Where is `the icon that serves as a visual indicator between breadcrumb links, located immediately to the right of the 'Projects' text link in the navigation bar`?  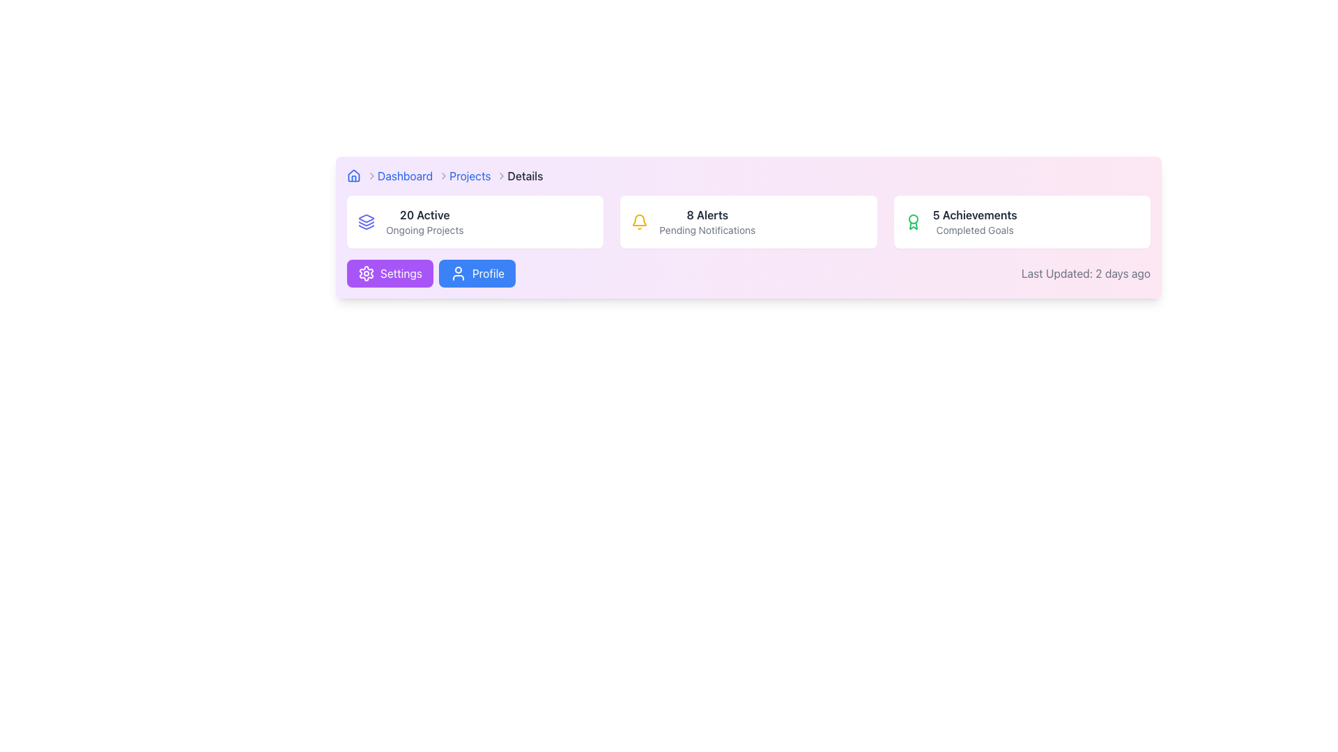
the icon that serves as a visual indicator between breadcrumb links, located immediately to the right of the 'Projects' text link in the navigation bar is located at coordinates (502, 175).